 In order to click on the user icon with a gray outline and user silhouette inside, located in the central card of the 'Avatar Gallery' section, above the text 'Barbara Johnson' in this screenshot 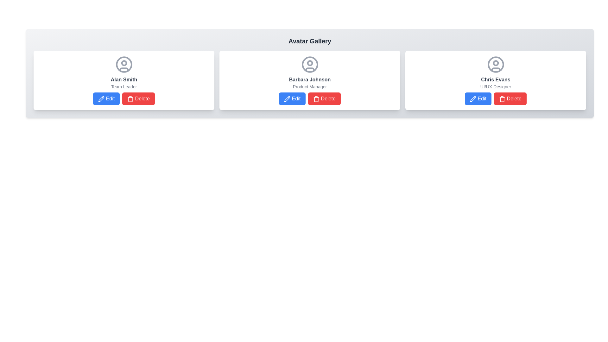, I will do `click(310, 65)`.